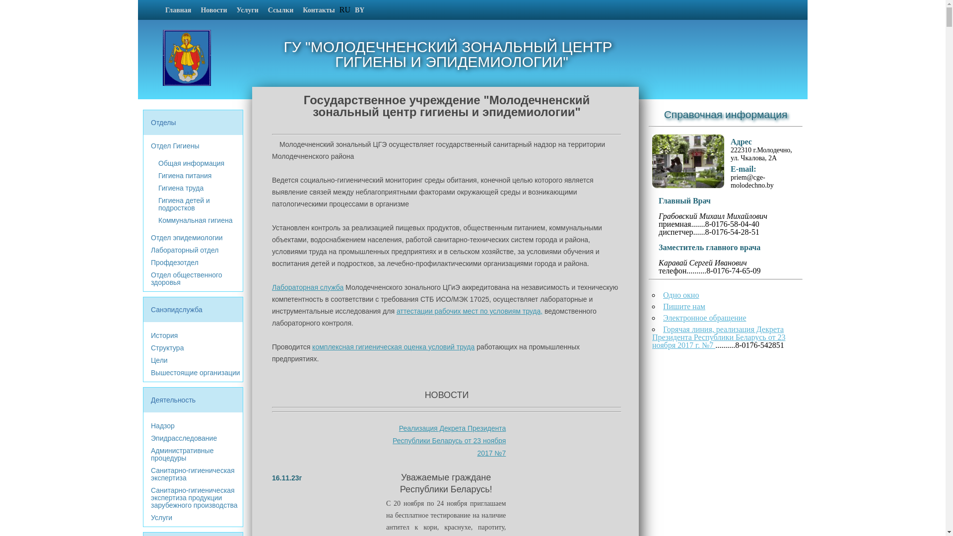 Image resolution: width=953 pixels, height=536 pixels. I want to click on 'BY', so click(359, 10).